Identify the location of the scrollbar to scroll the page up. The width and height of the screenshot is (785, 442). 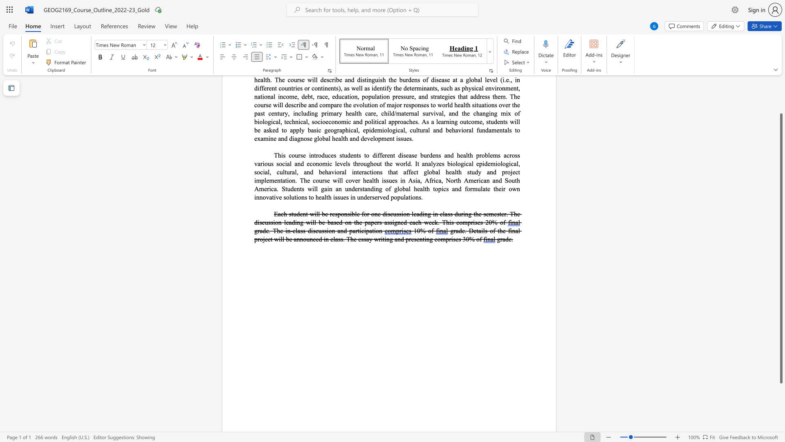
(781, 94).